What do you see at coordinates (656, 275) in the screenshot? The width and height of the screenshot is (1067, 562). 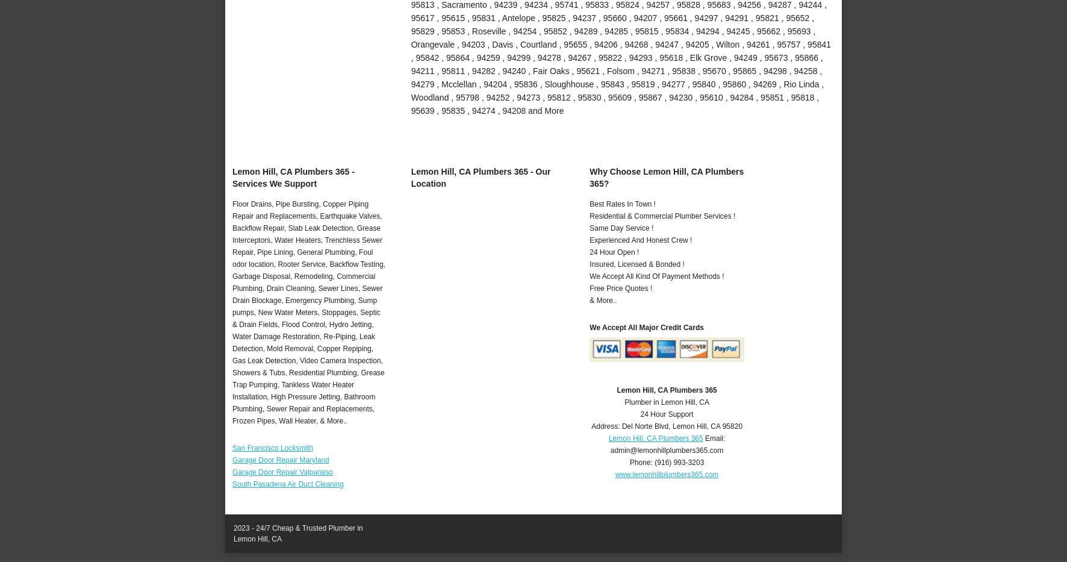 I see `'We Accept All Kind Of Payment Methods !'` at bounding box center [656, 275].